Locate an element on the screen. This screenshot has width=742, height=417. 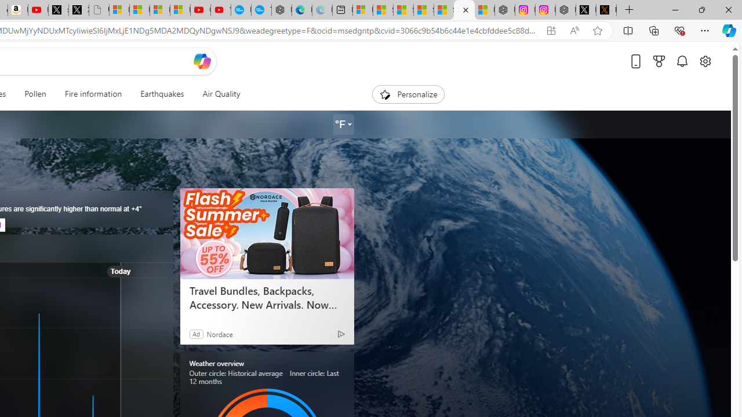
'Weather settings' is located at coordinates (343, 125).